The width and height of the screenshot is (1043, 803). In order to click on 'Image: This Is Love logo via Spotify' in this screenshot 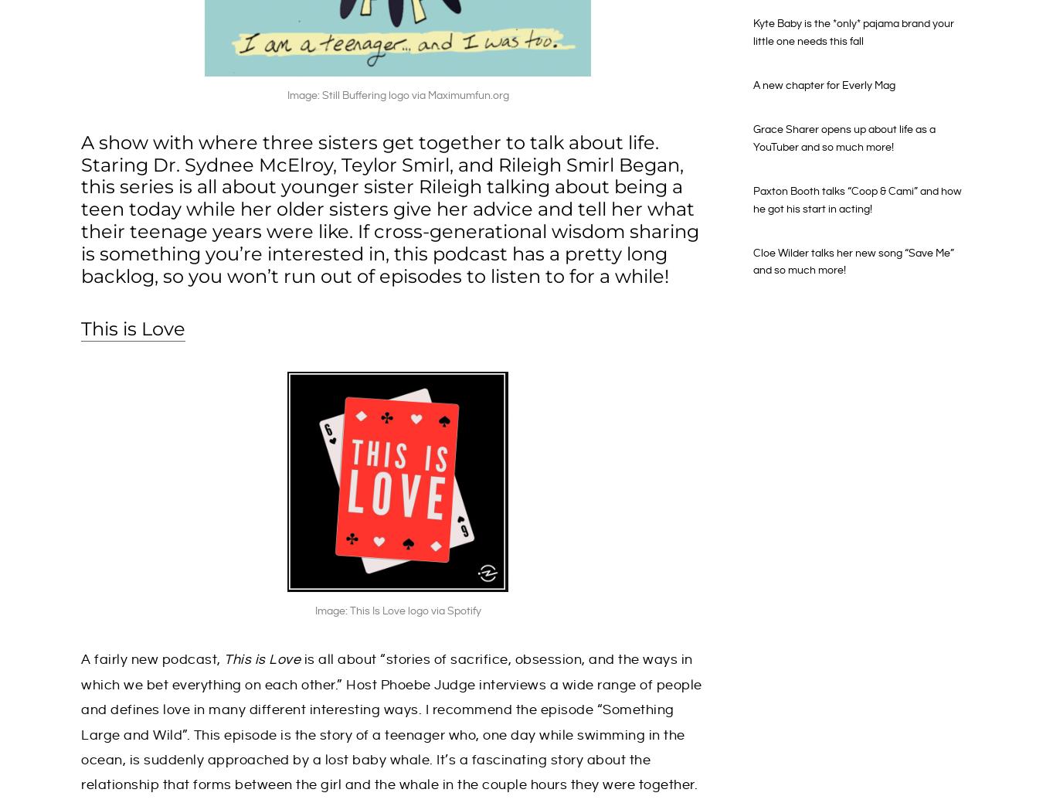, I will do `click(396, 610)`.